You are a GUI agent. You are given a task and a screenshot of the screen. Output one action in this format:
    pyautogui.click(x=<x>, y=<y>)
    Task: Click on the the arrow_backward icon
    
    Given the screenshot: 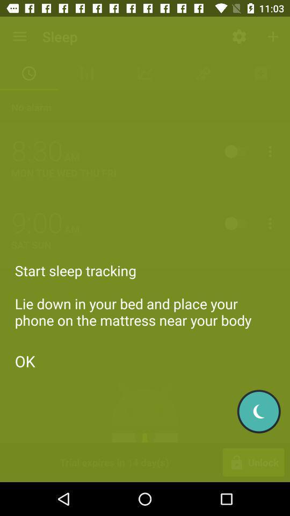 What is the action you would take?
    pyautogui.click(x=258, y=411)
    